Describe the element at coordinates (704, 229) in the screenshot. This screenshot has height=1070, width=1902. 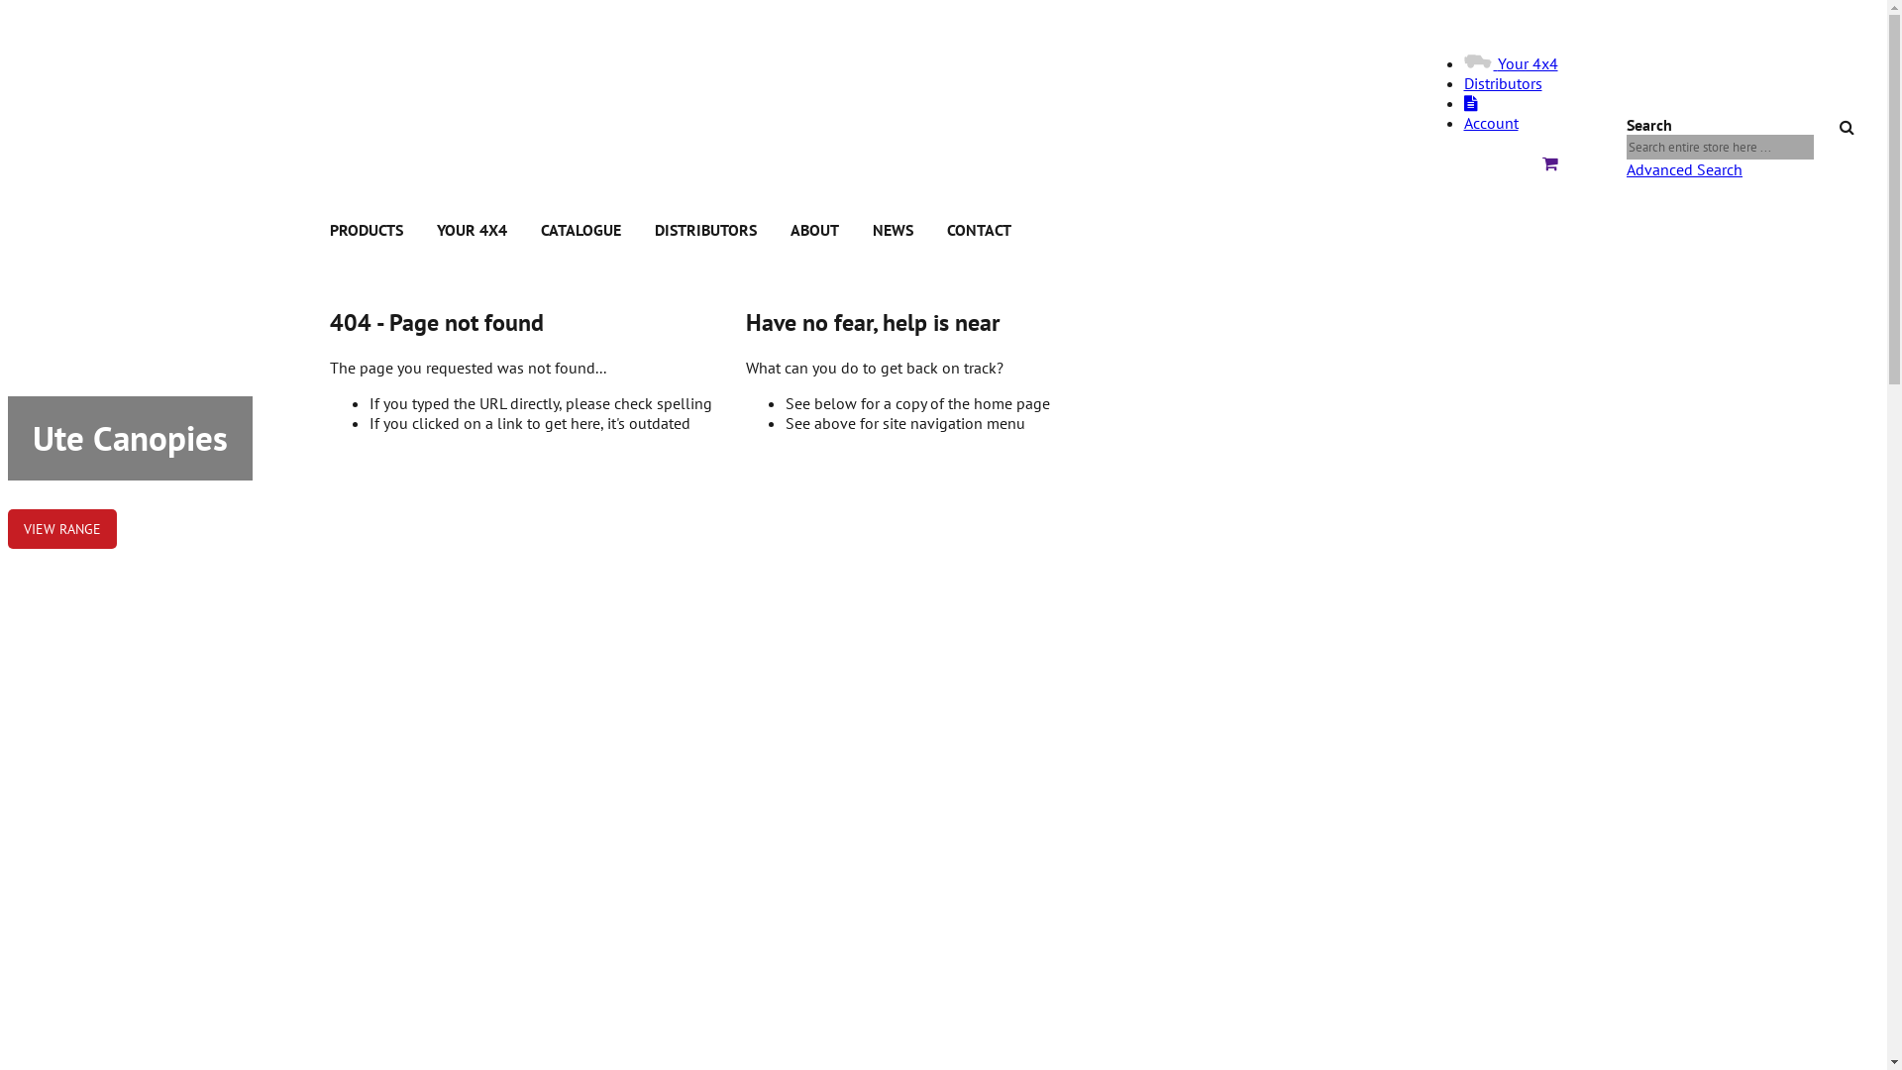
I see `'DISTRIBUTORS'` at that location.